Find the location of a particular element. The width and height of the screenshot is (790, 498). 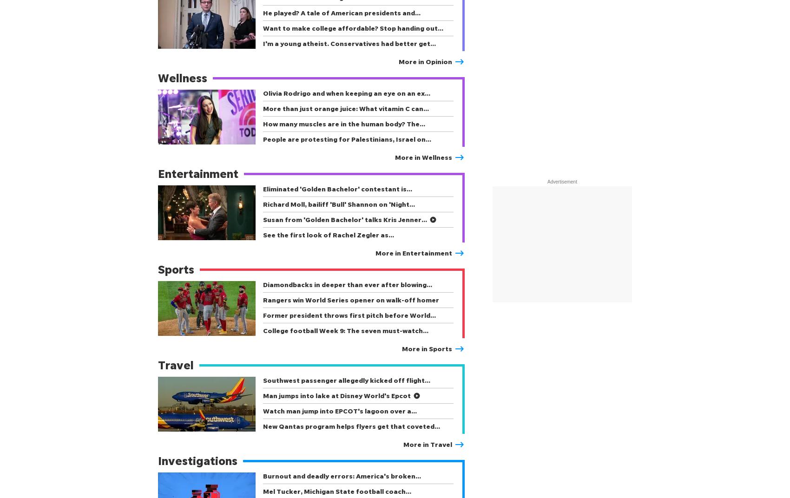

'Mel Tucker, Michigan State football coach…' is located at coordinates (262, 491).